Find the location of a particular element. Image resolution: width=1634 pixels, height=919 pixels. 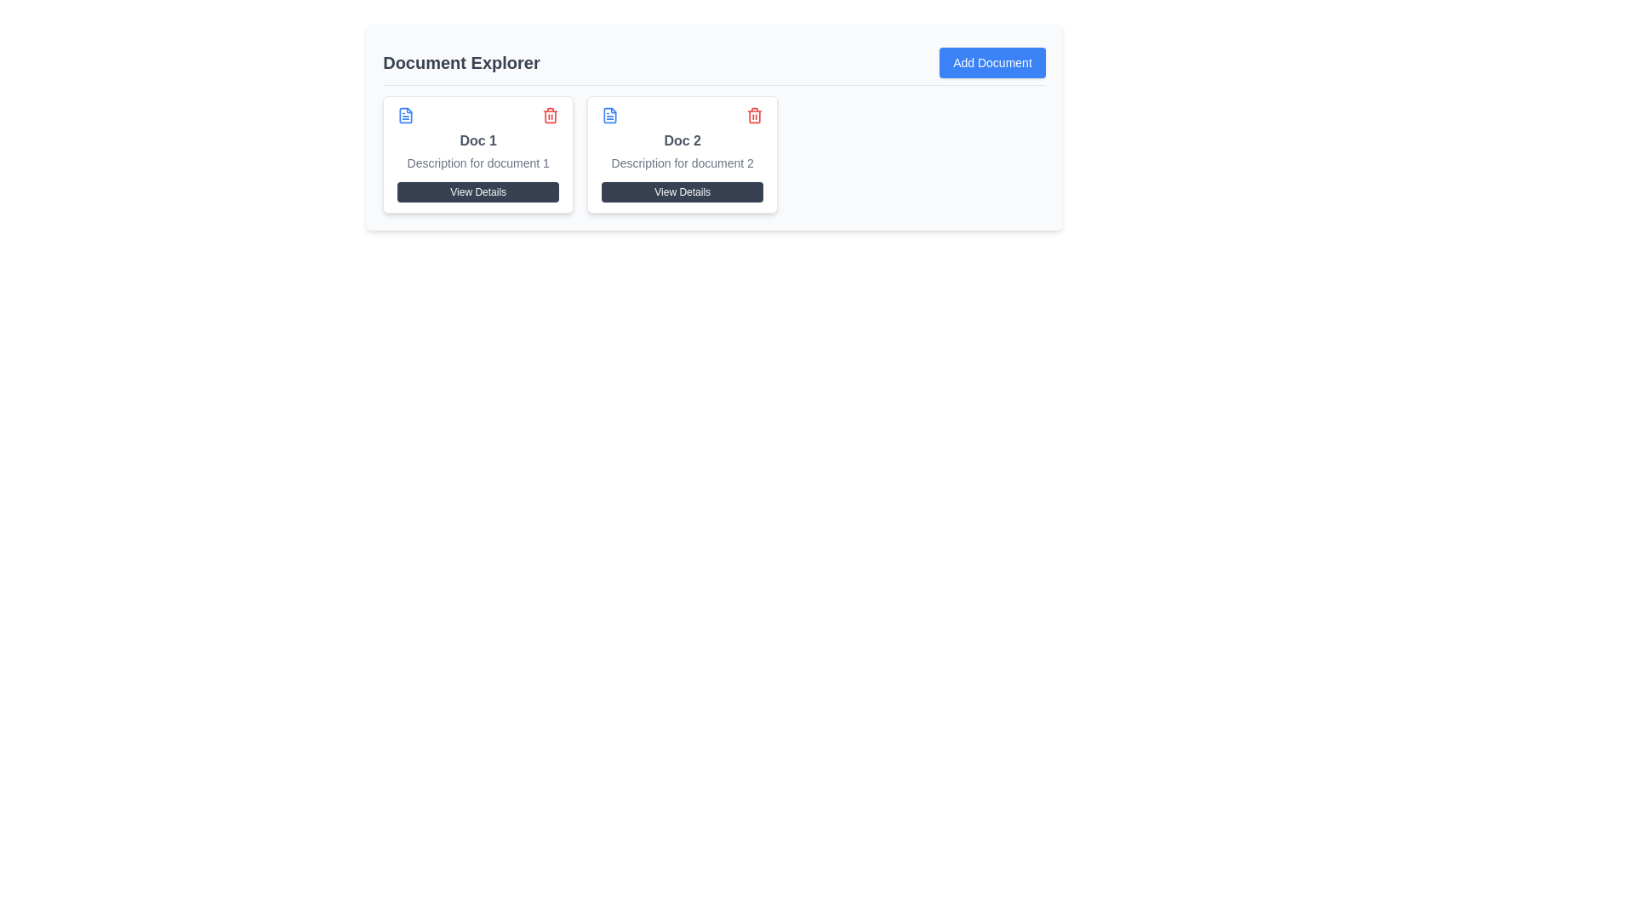

the bold 'Document Explorer' text label located at the top left of the header section is located at coordinates (461, 61).